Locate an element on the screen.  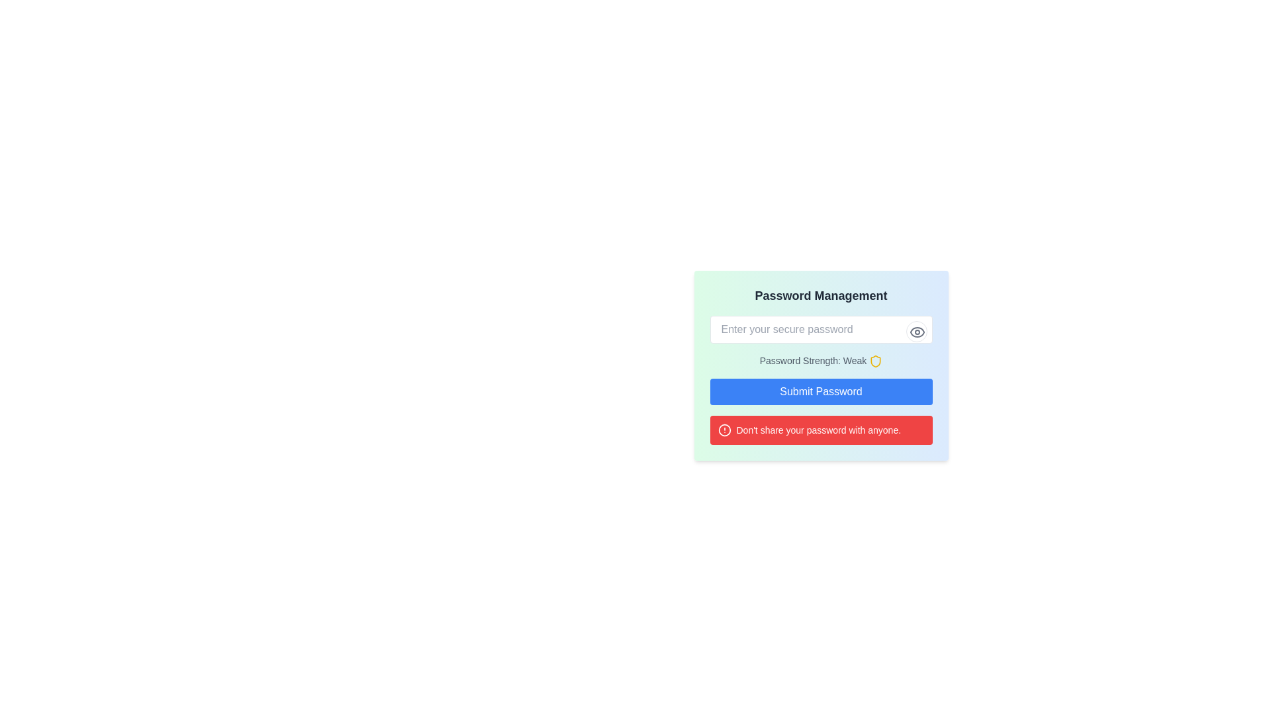
the small yellowish shield icon next to the label 'Password Strength: Weak' in the password management card interface is located at coordinates (876, 361).